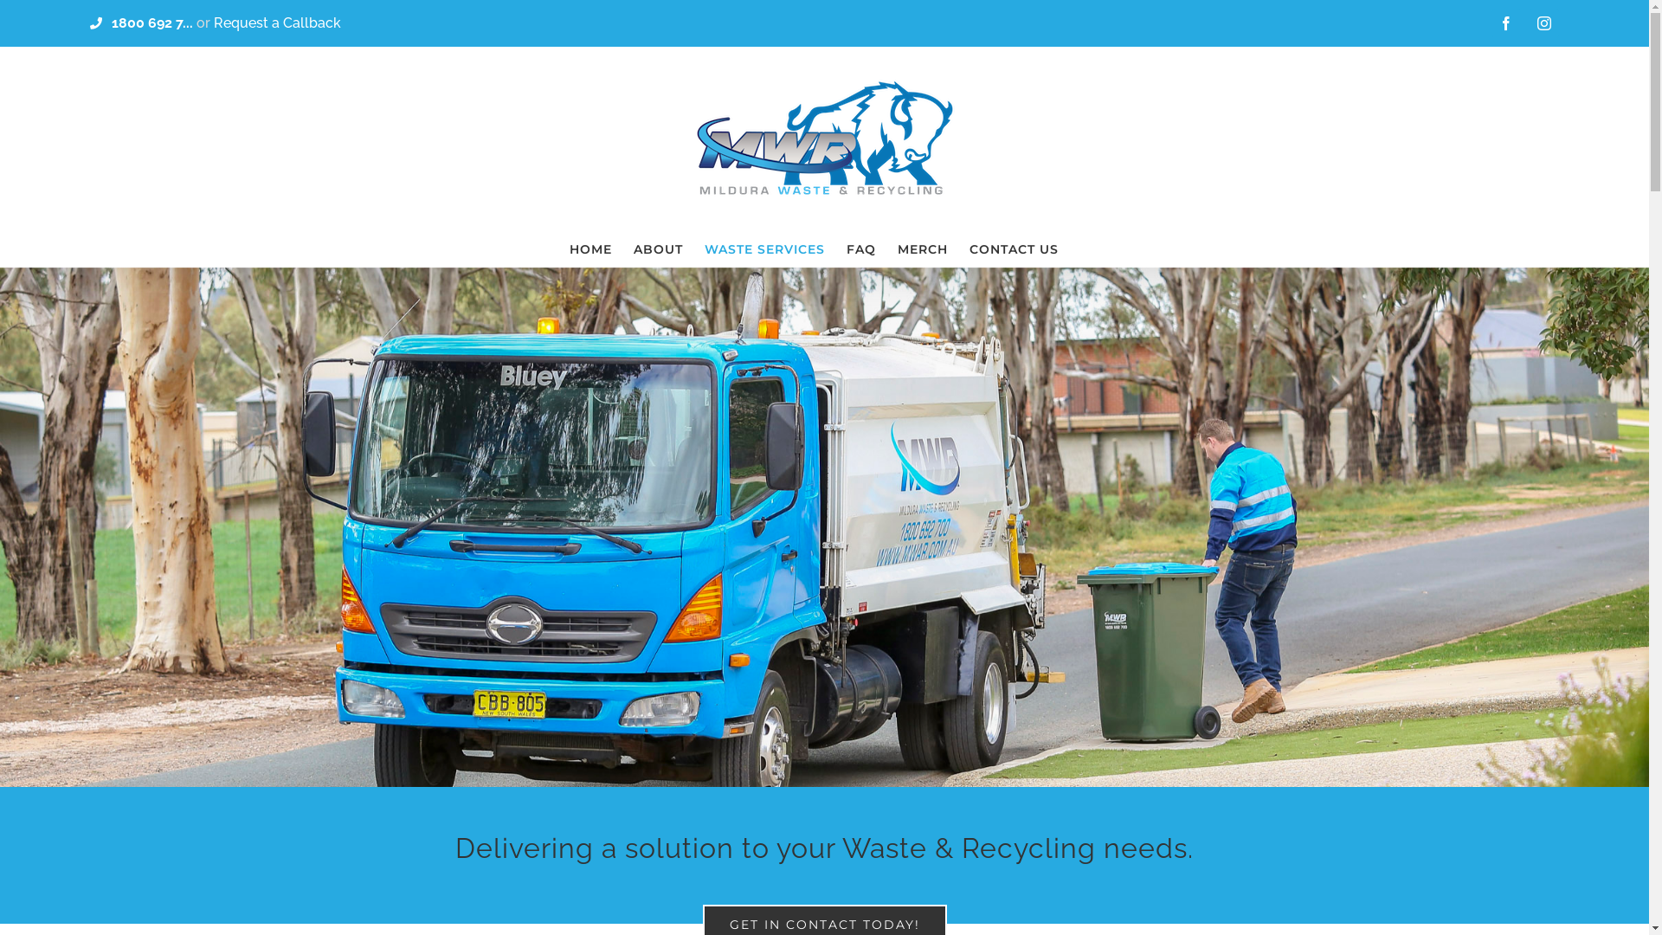 Image resolution: width=1662 pixels, height=935 pixels. I want to click on 'MERCH', so click(921, 249).